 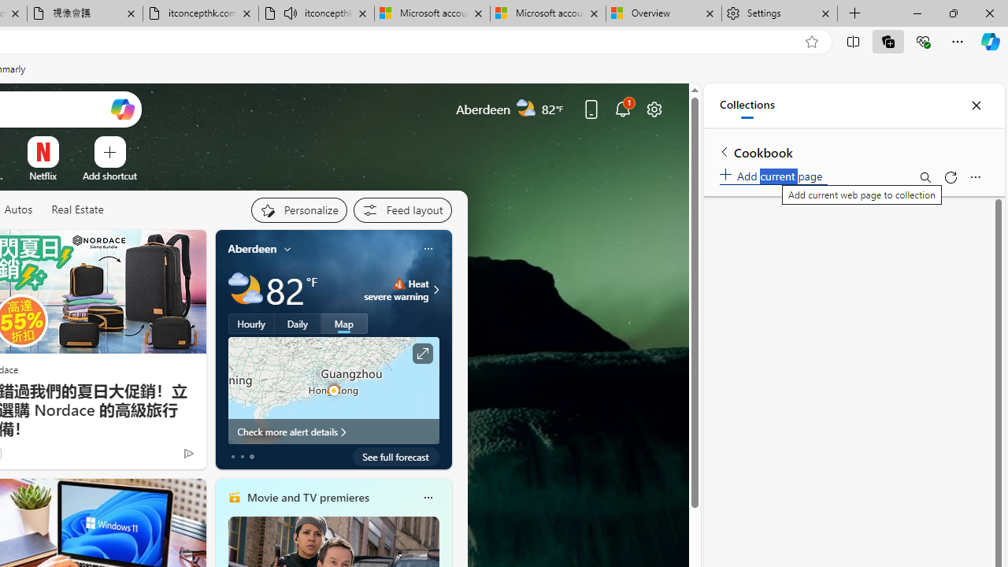 What do you see at coordinates (252, 248) in the screenshot?
I see `'Aberdeen'` at bounding box center [252, 248].